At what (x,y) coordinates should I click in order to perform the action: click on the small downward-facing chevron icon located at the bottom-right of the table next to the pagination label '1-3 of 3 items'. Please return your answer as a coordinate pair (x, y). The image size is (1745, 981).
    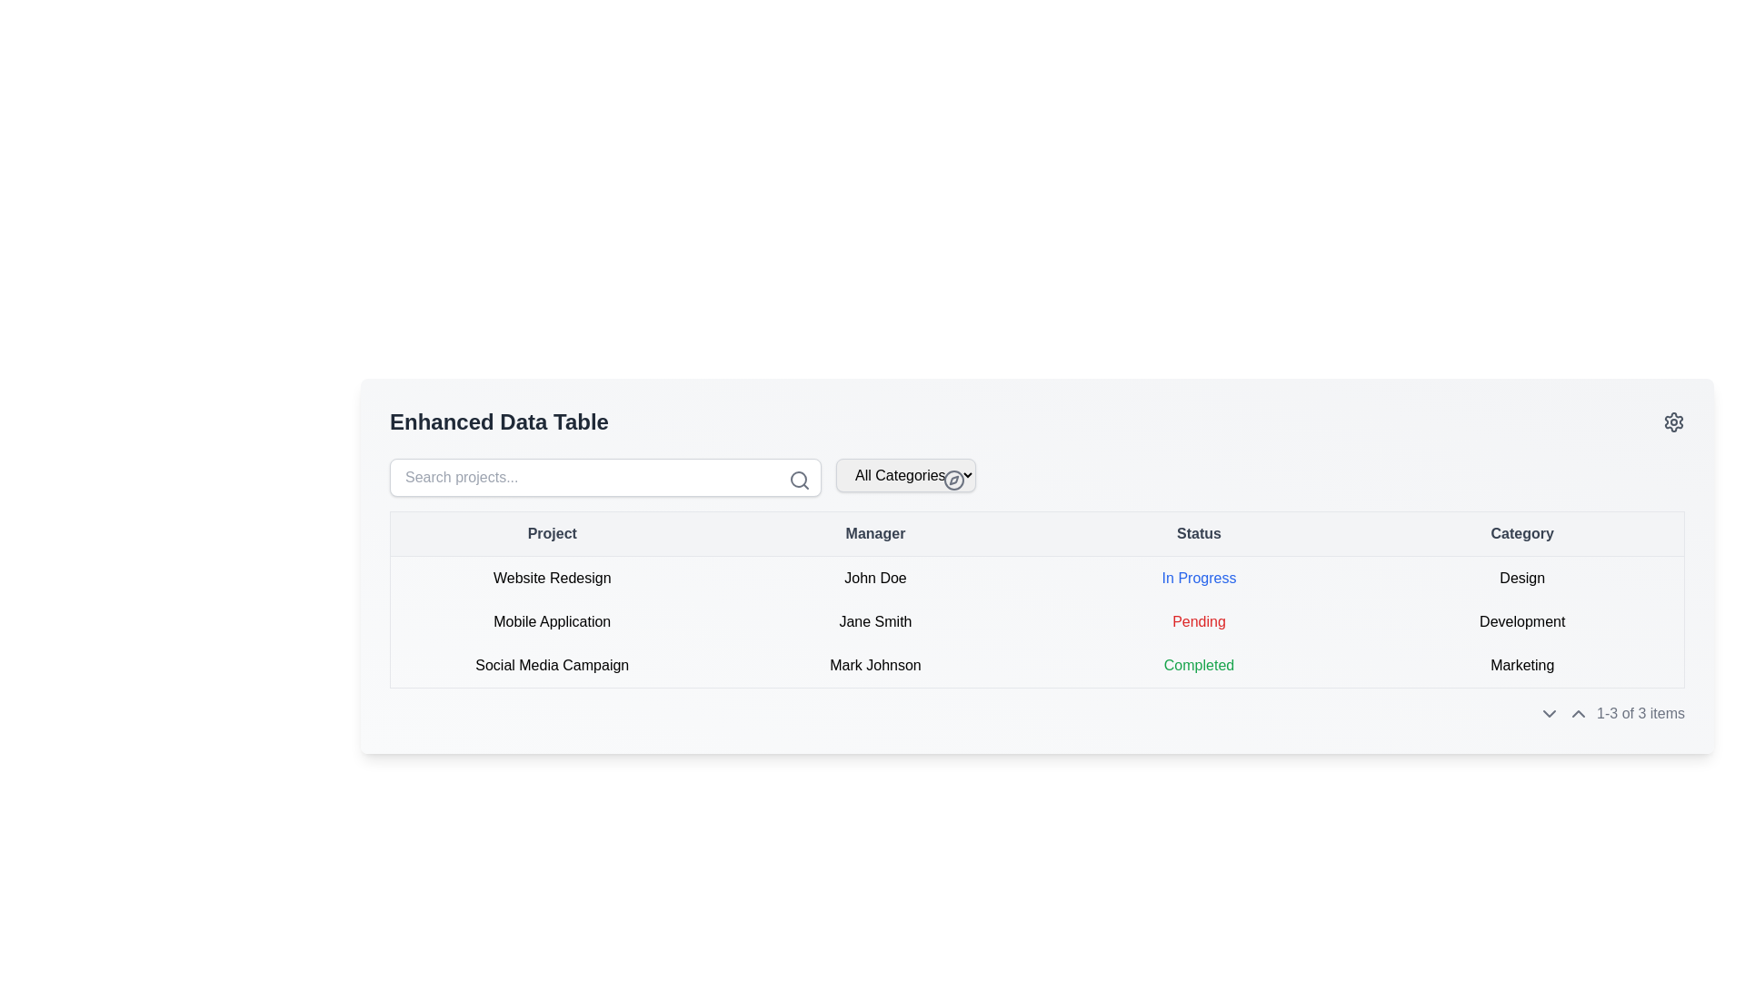
    Looking at the image, I should click on (1549, 713).